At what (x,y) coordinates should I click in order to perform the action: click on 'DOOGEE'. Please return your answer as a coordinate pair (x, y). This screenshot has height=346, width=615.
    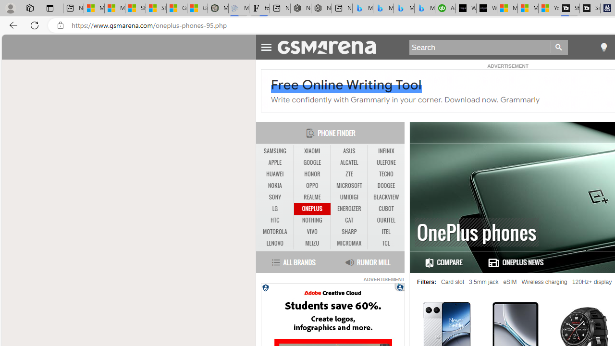
    Looking at the image, I should click on (386, 185).